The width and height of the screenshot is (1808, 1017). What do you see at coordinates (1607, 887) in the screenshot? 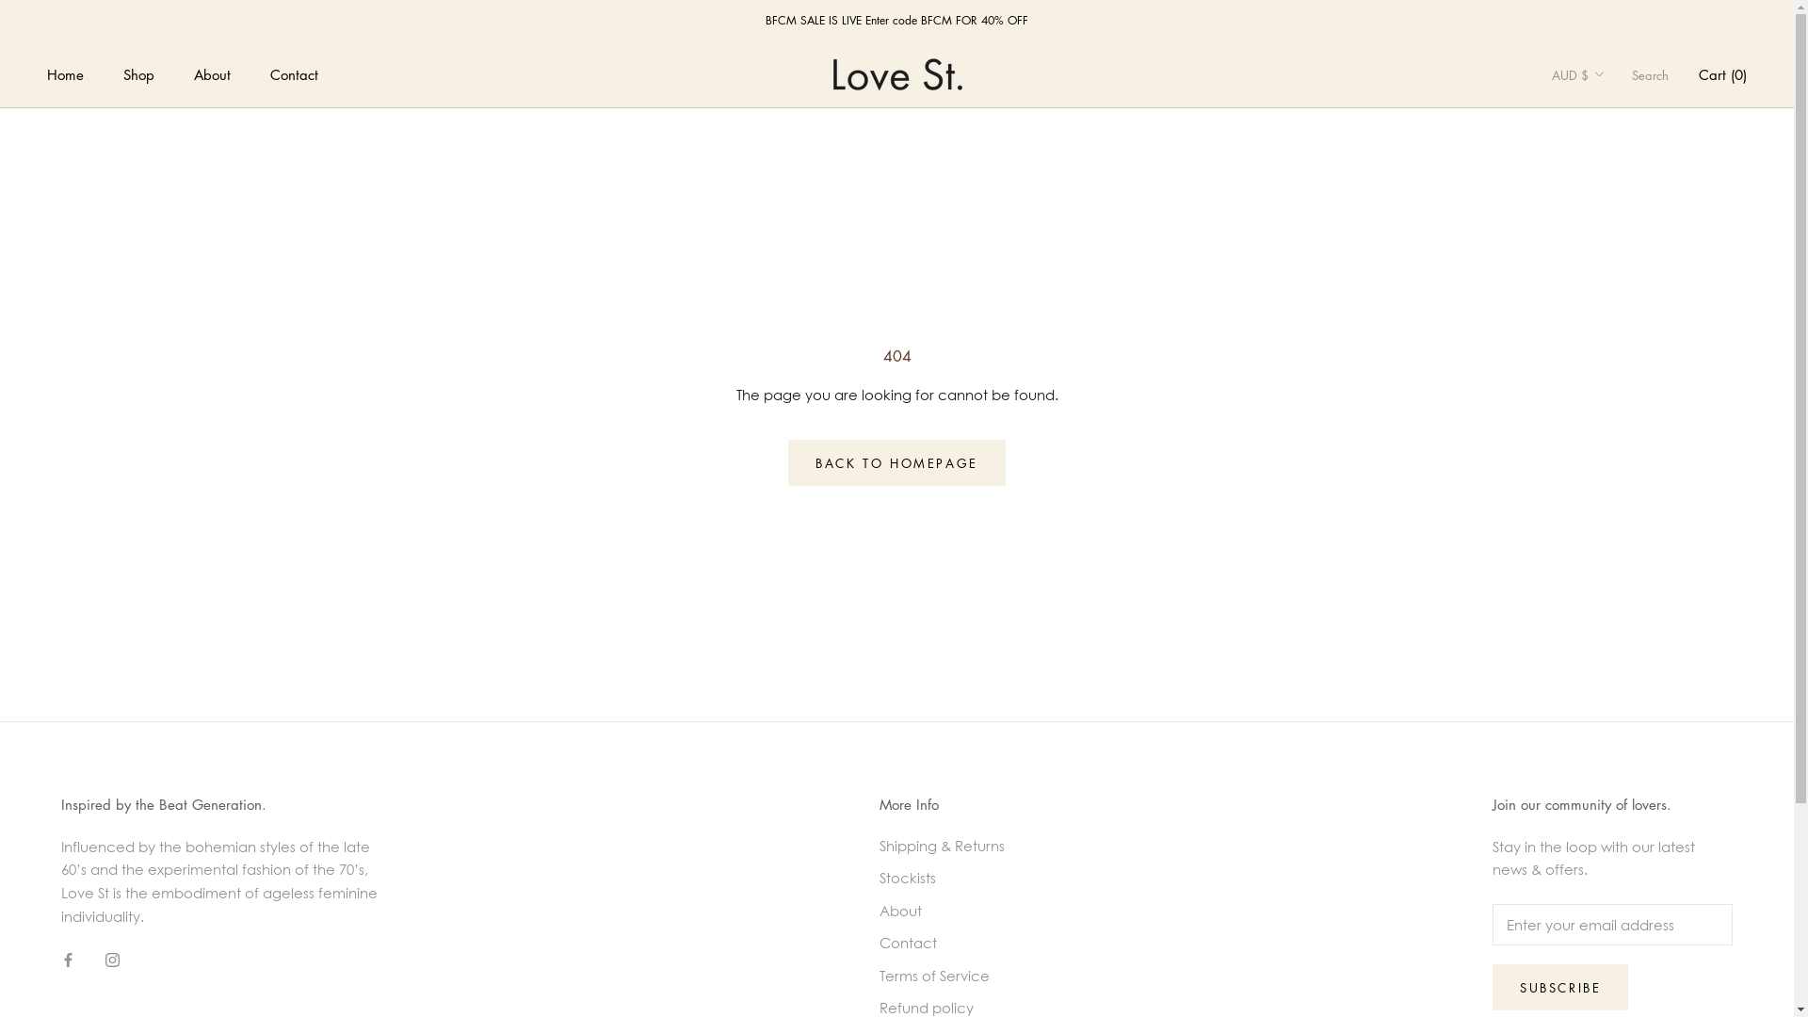
I see `'DKK'` at bounding box center [1607, 887].